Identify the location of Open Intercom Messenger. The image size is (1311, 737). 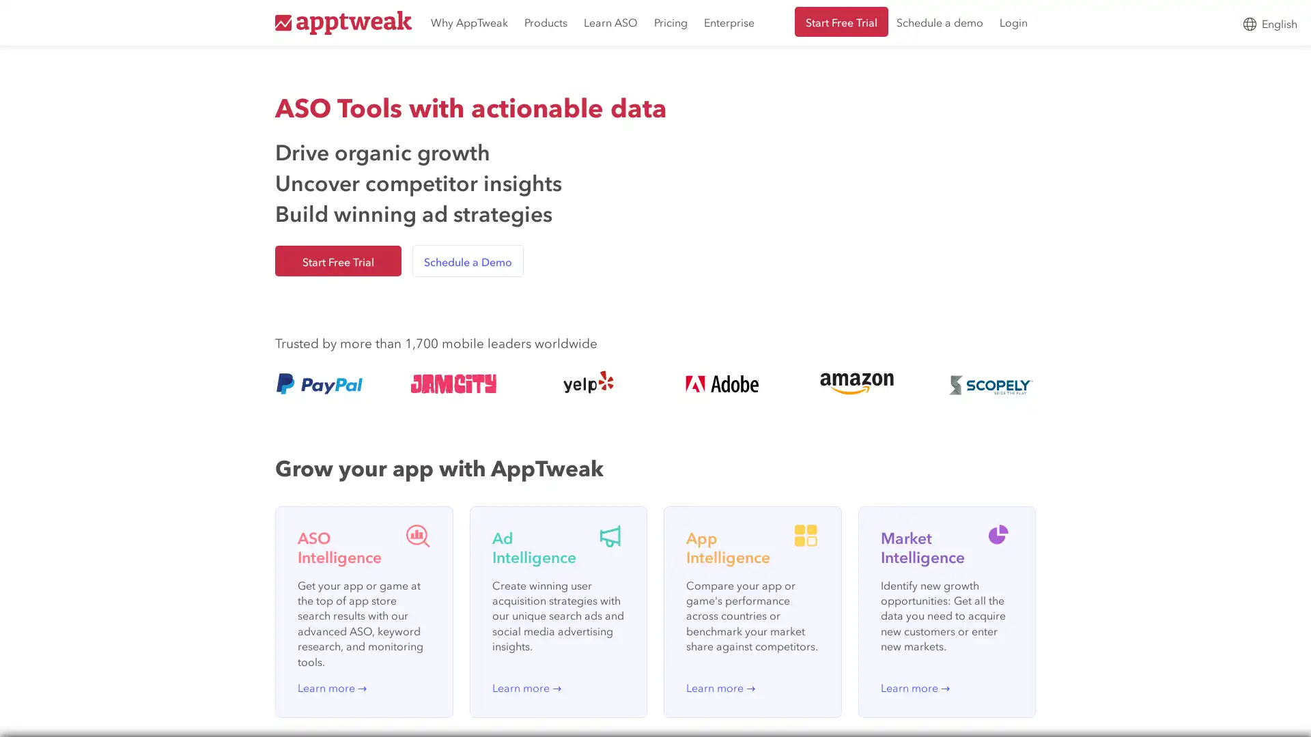
(1276, 702).